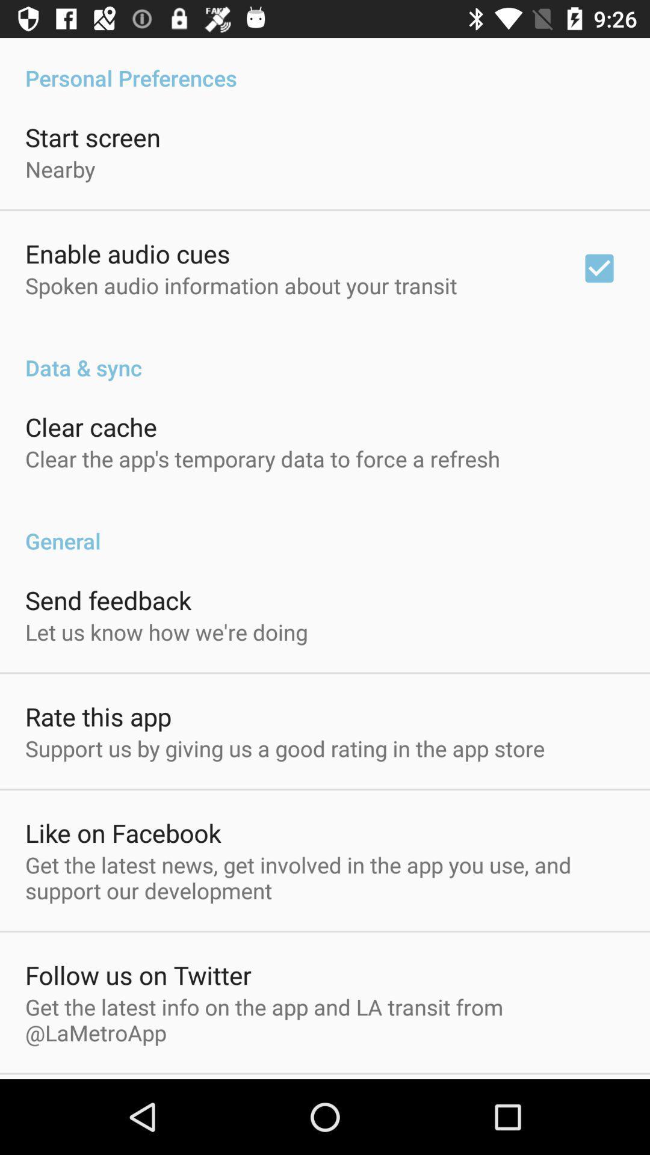  I want to click on item to the right of spoken audio information item, so click(599, 268).